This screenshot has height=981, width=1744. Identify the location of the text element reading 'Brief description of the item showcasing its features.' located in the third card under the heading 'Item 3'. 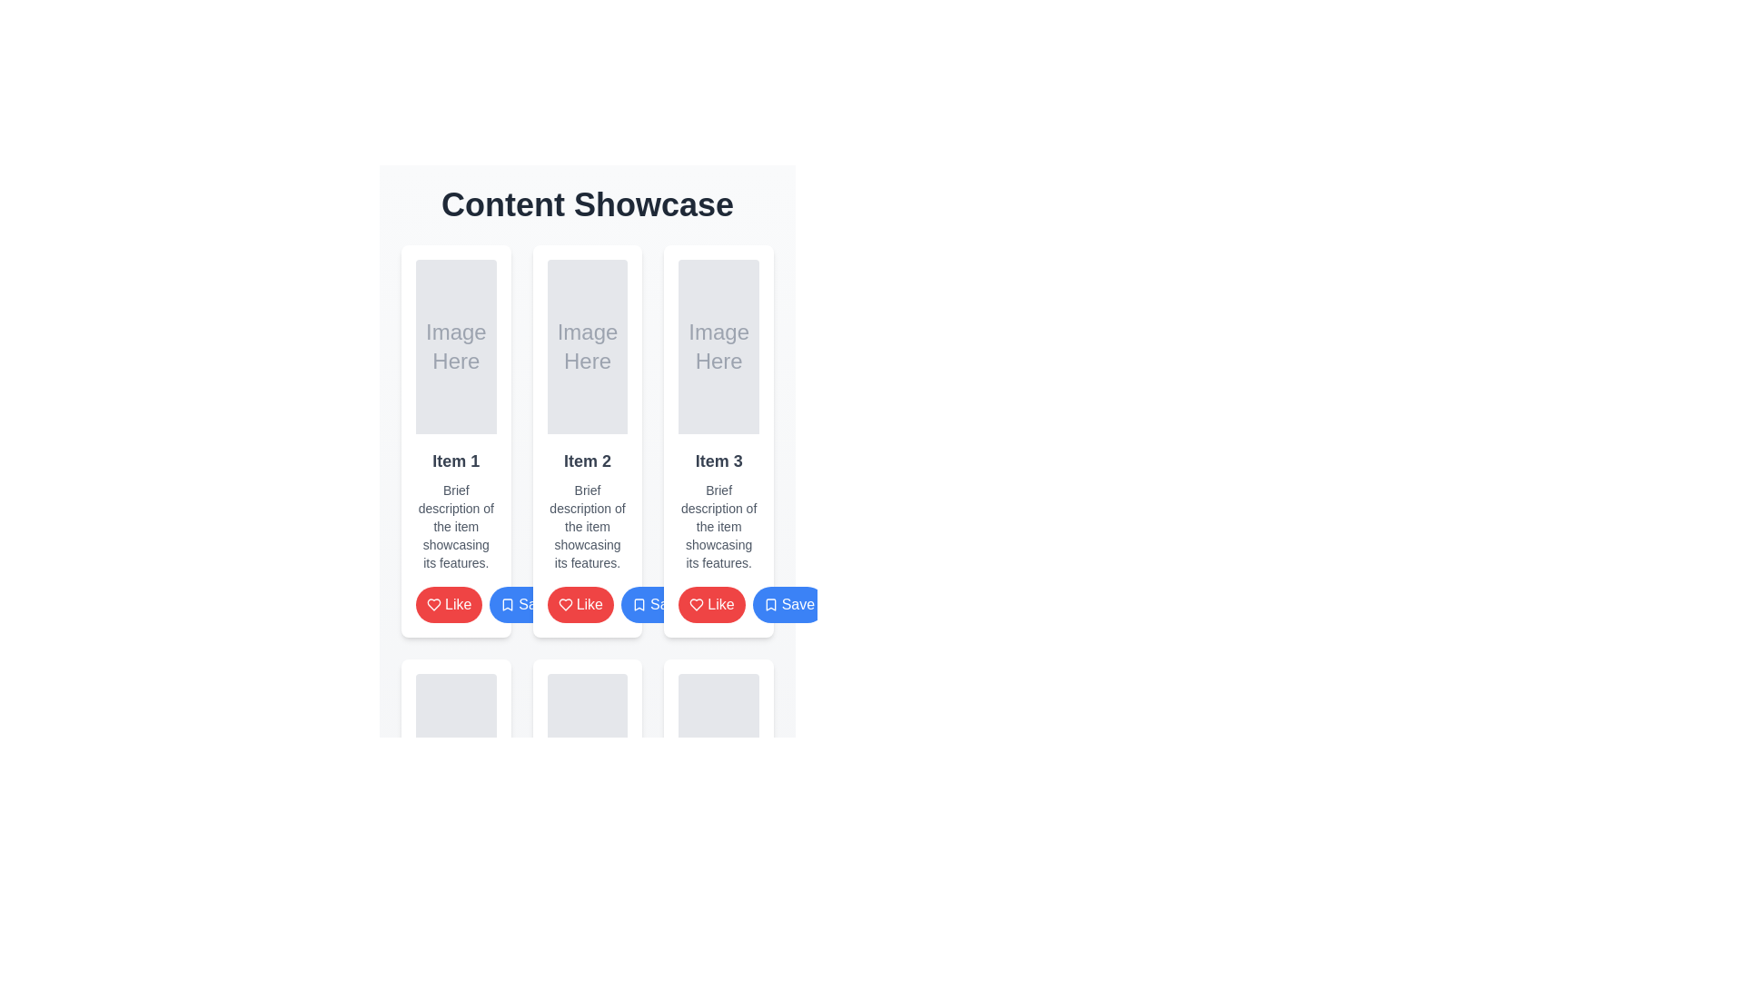
(718, 526).